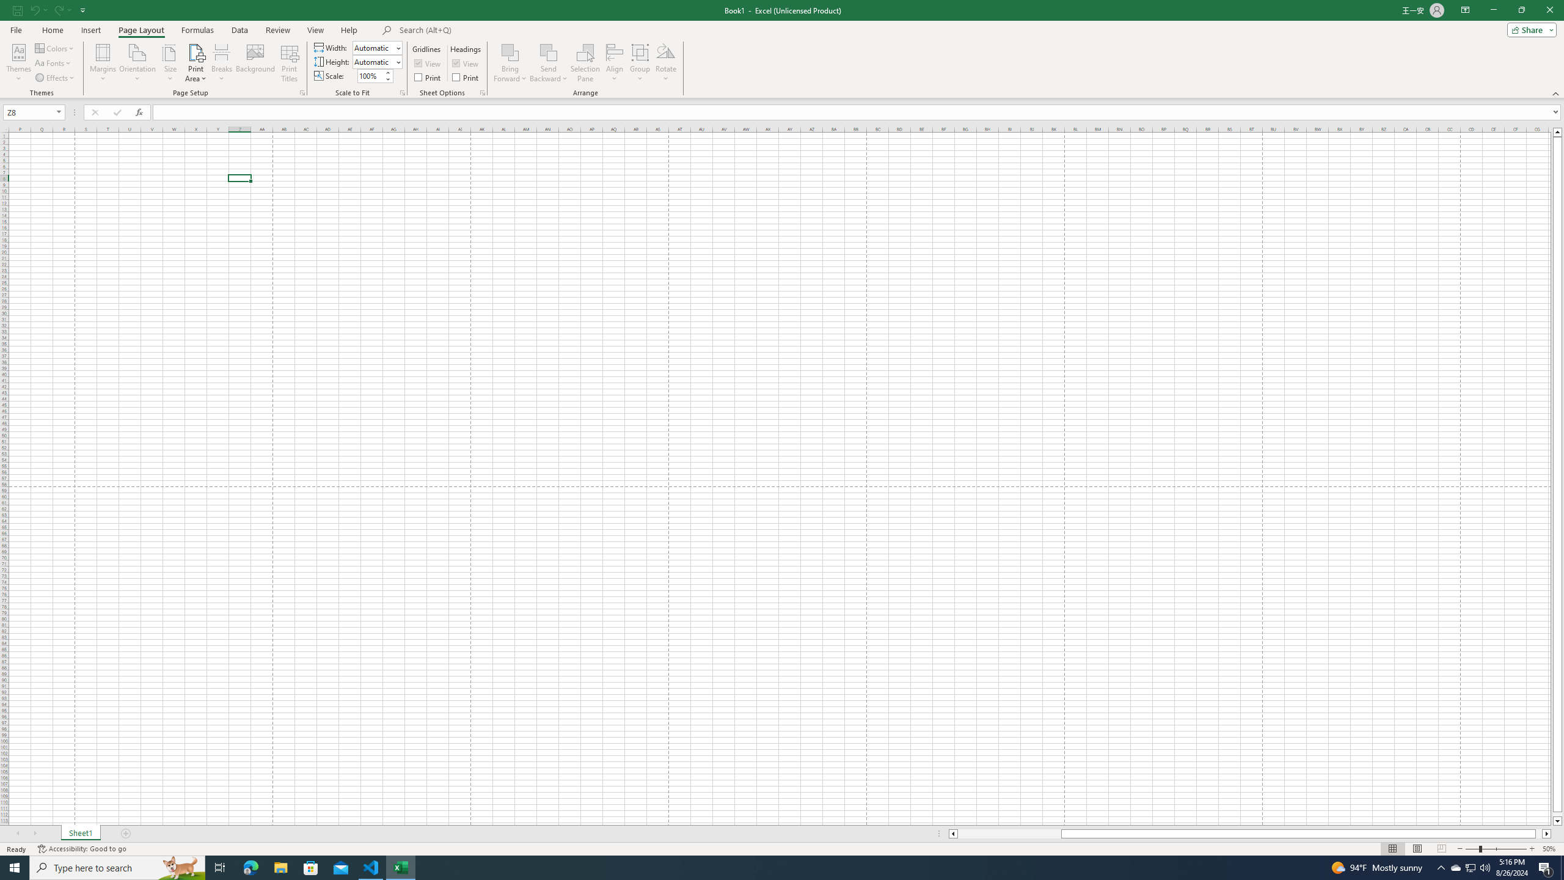 This screenshot has width=1564, height=880. Describe the element at coordinates (387, 79) in the screenshot. I see `'Less'` at that location.